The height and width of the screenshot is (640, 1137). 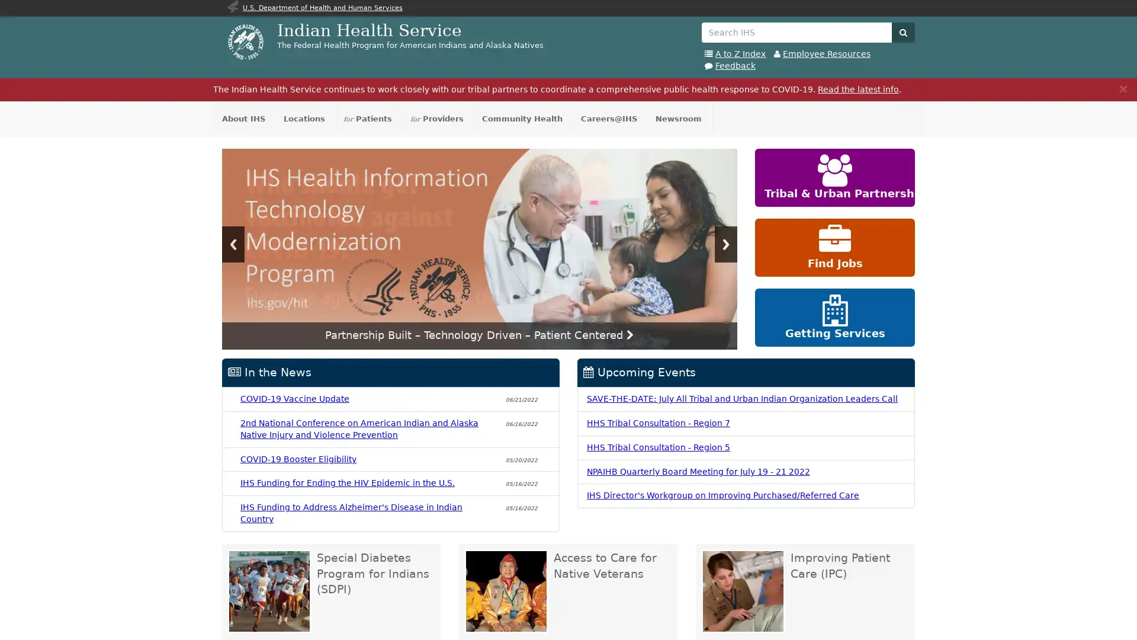 What do you see at coordinates (902, 31) in the screenshot?
I see `Search IHS Submit Button` at bounding box center [902, 31].